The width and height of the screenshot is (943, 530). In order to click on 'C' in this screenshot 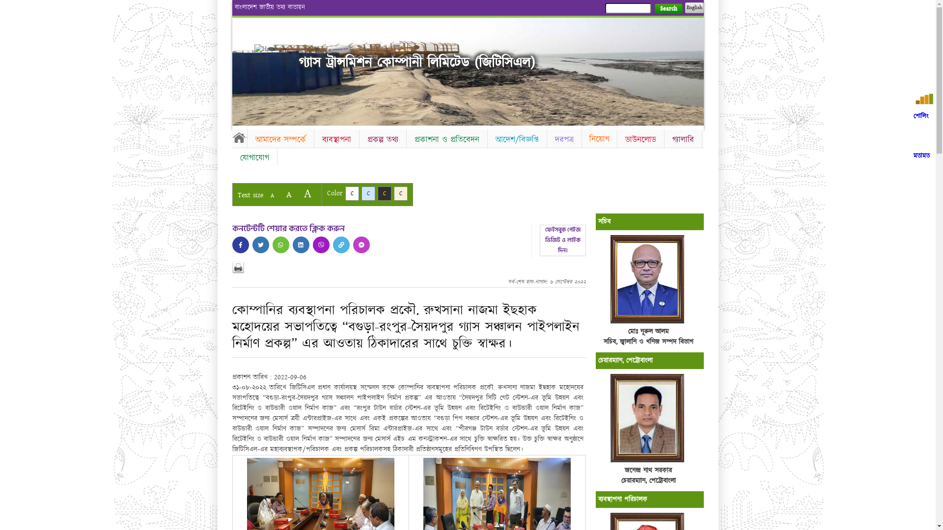, I will do `click(401, 193)`.